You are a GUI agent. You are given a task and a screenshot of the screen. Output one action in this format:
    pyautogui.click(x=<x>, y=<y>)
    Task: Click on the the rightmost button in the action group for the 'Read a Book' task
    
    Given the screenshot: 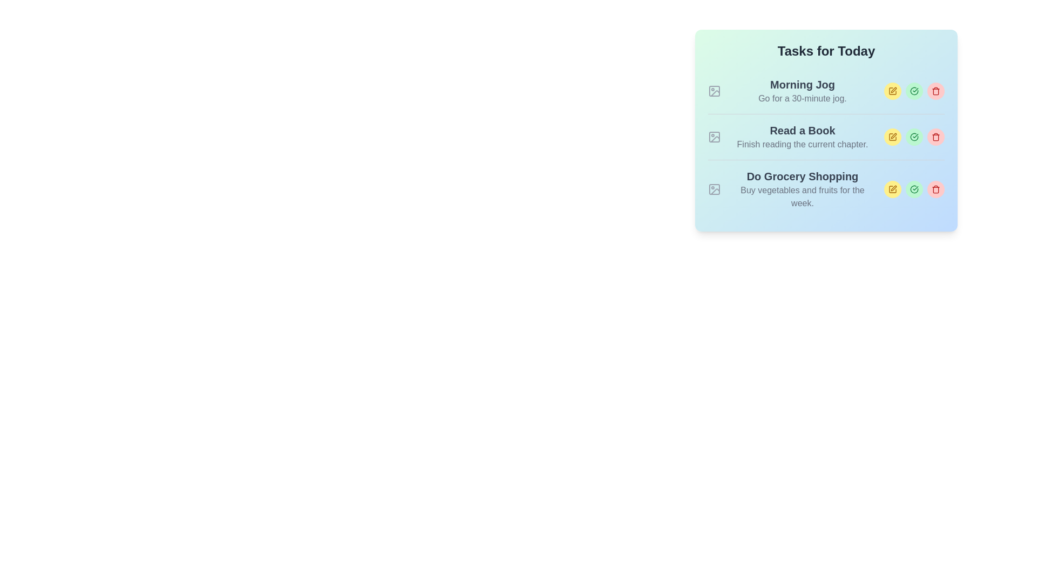 What is the action you would take?
    pyautogui.click(x=935, y=137)
    